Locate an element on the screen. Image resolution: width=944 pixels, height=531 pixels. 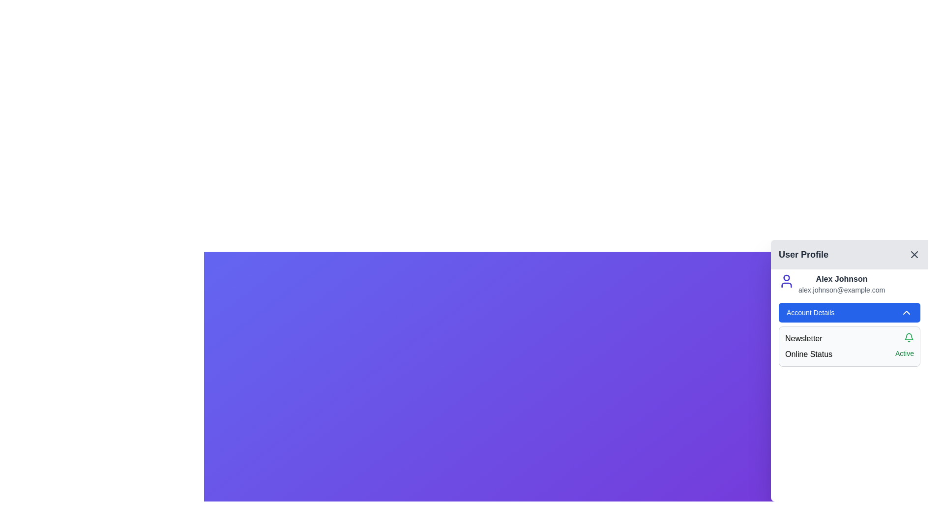
the 'Online Status' option in the User Profile sidebar is located at coordinates (849, 370).